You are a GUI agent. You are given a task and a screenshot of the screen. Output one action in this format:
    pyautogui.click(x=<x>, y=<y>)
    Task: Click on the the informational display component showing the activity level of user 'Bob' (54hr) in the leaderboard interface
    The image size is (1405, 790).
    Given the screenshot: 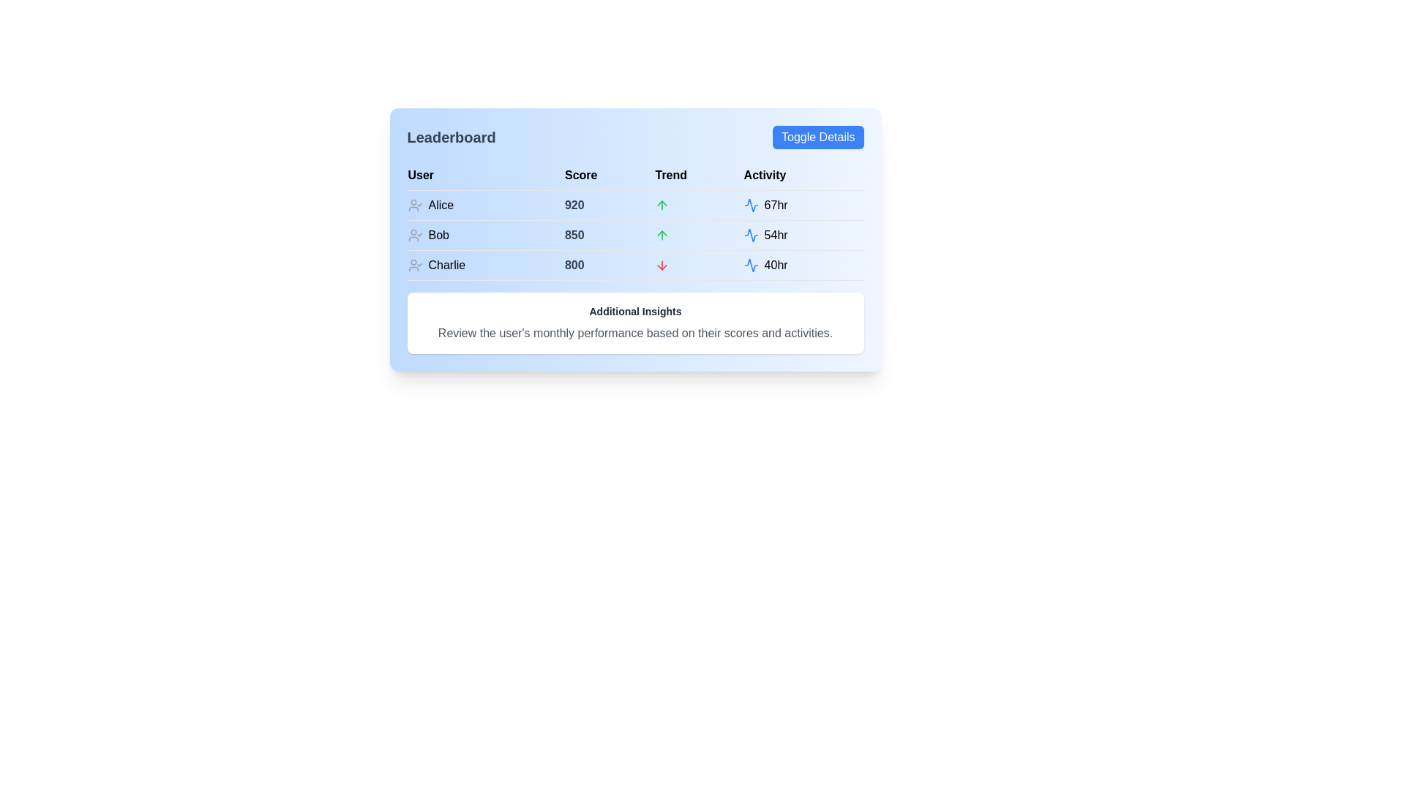 What is the action you would take?
    pyautogui.click(x=803, y=234)
    